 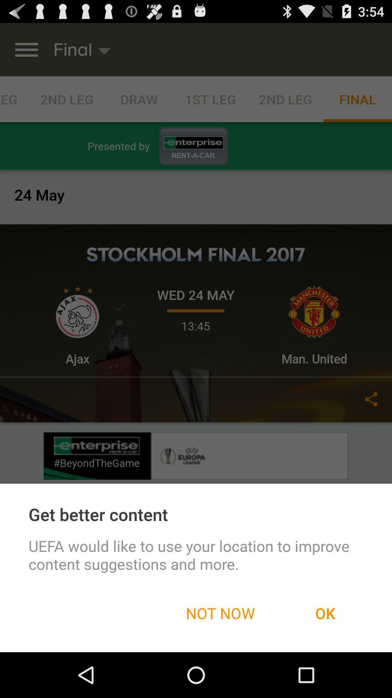 I want to click on icon to the left of the ok, so click(x=220, y=613).